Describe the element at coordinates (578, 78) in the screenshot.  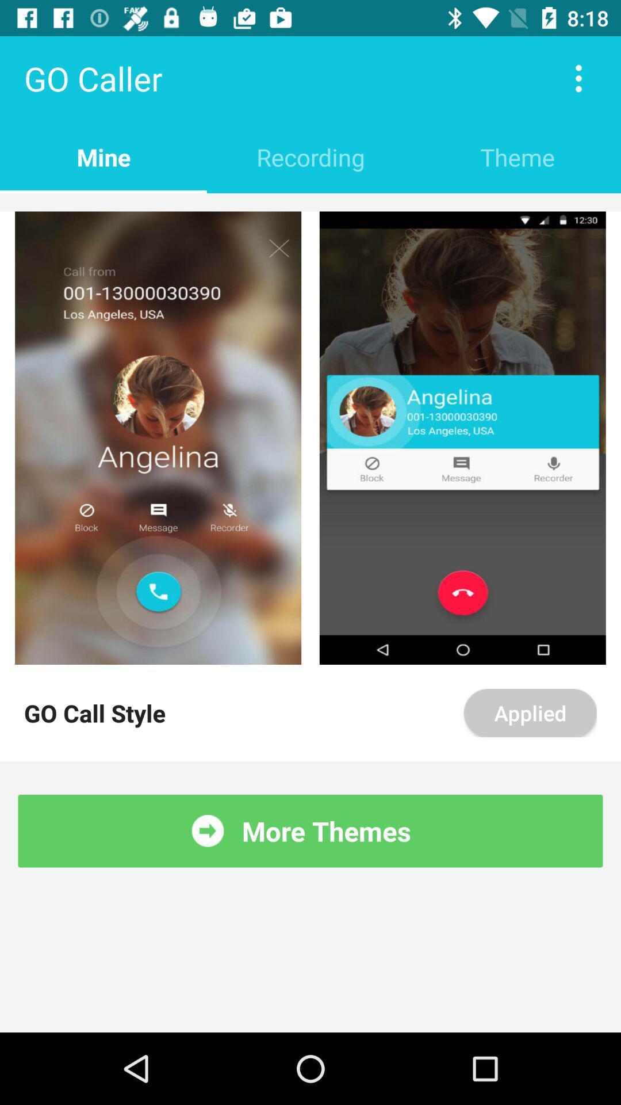
I see `icon next to go caller icon` at that location.